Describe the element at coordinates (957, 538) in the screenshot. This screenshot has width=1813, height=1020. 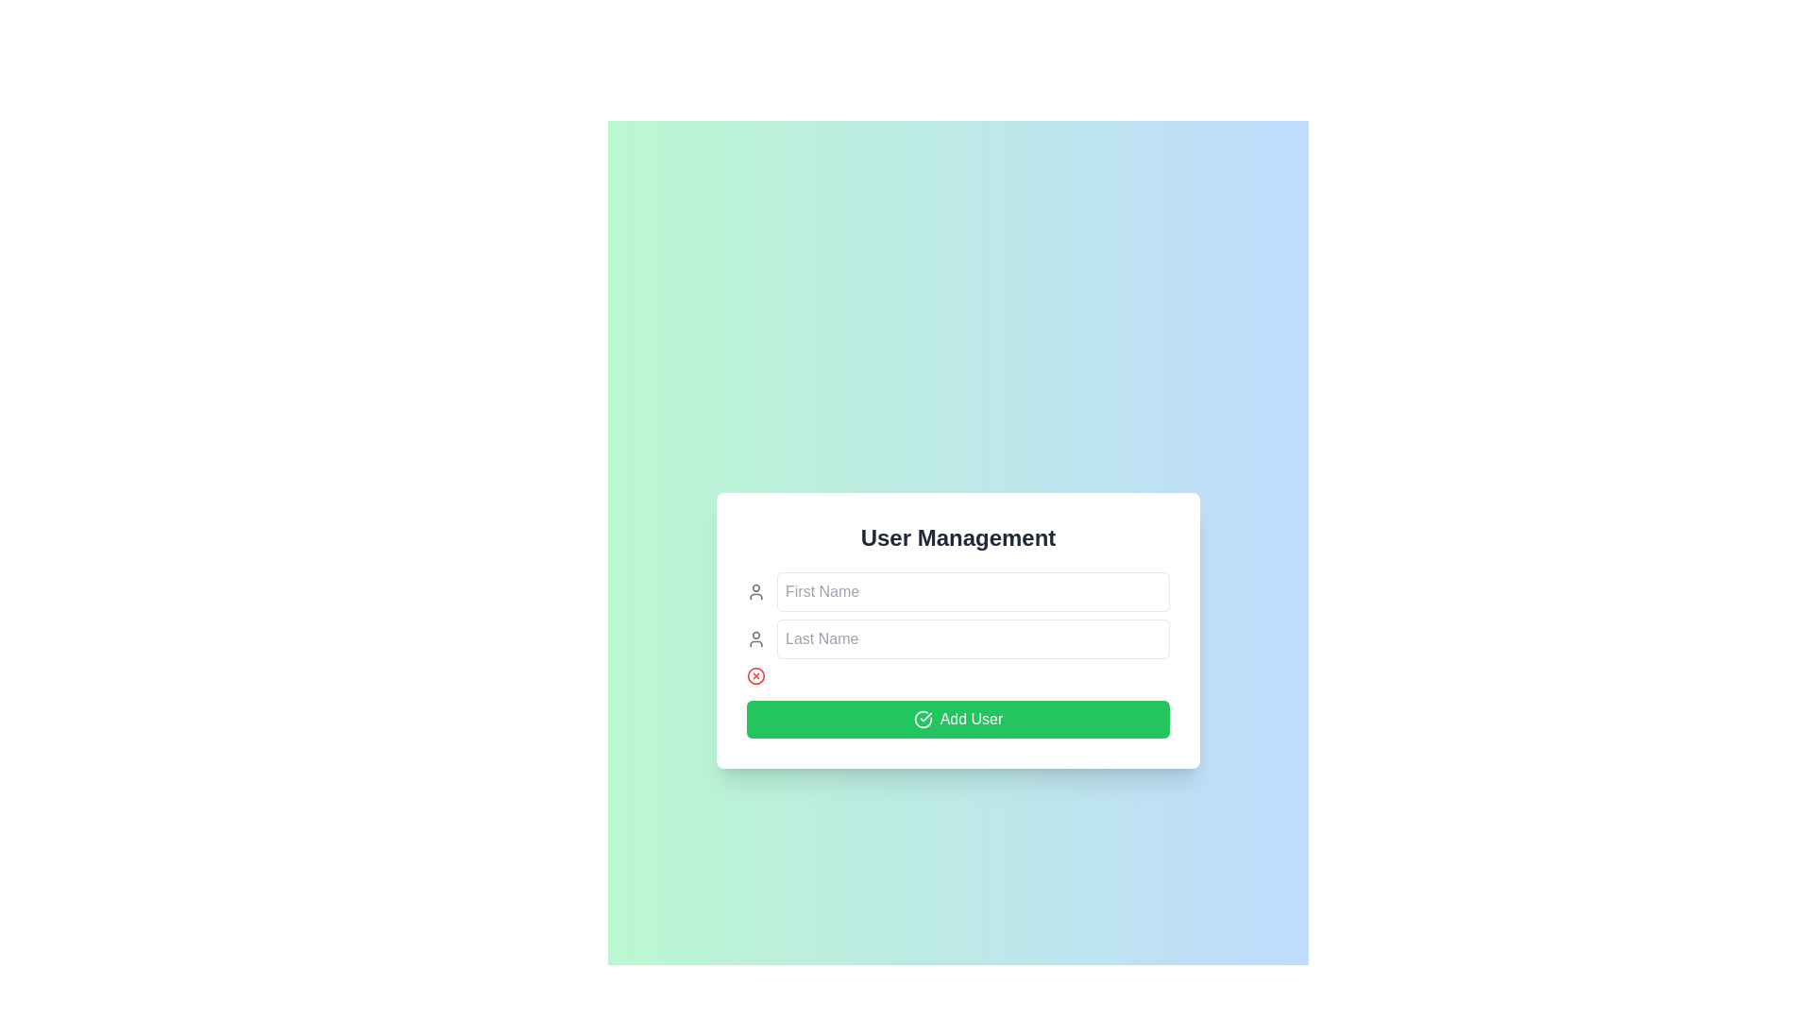
I see `the Text label (header) that serves as a title for the user management form, positioned at the top of the white dialog box above the input fields for 'First Name' and 'Last Name'` at that location.